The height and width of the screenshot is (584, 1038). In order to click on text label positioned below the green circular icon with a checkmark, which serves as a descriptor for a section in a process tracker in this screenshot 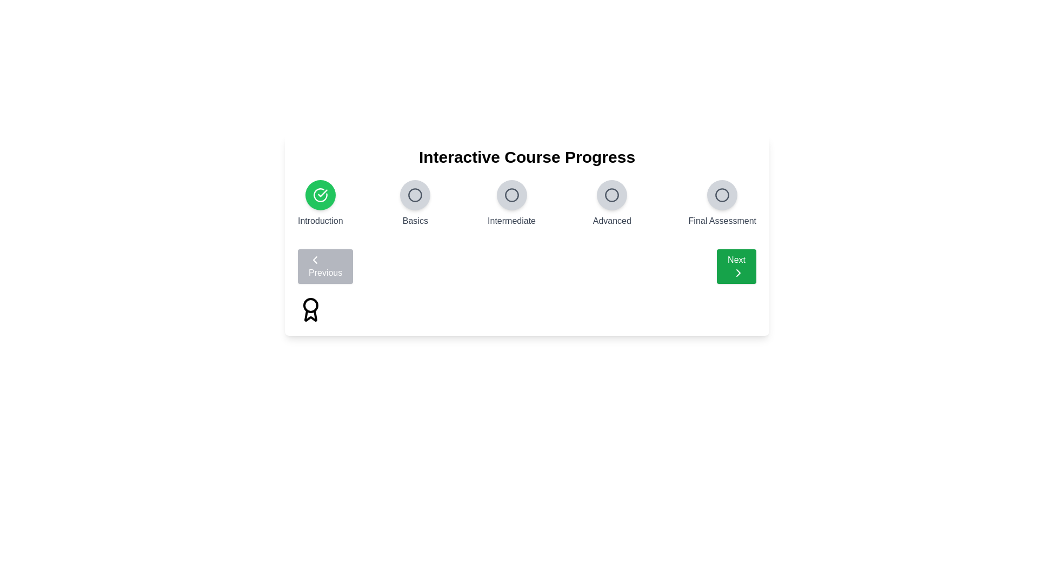, I will do `click(320, 220)`.